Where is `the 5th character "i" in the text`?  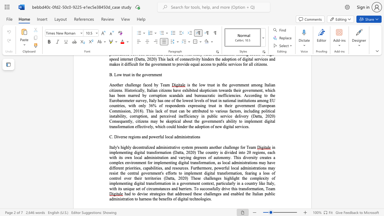 the 5th character "i" in the text is located at coordinates (252, 173).